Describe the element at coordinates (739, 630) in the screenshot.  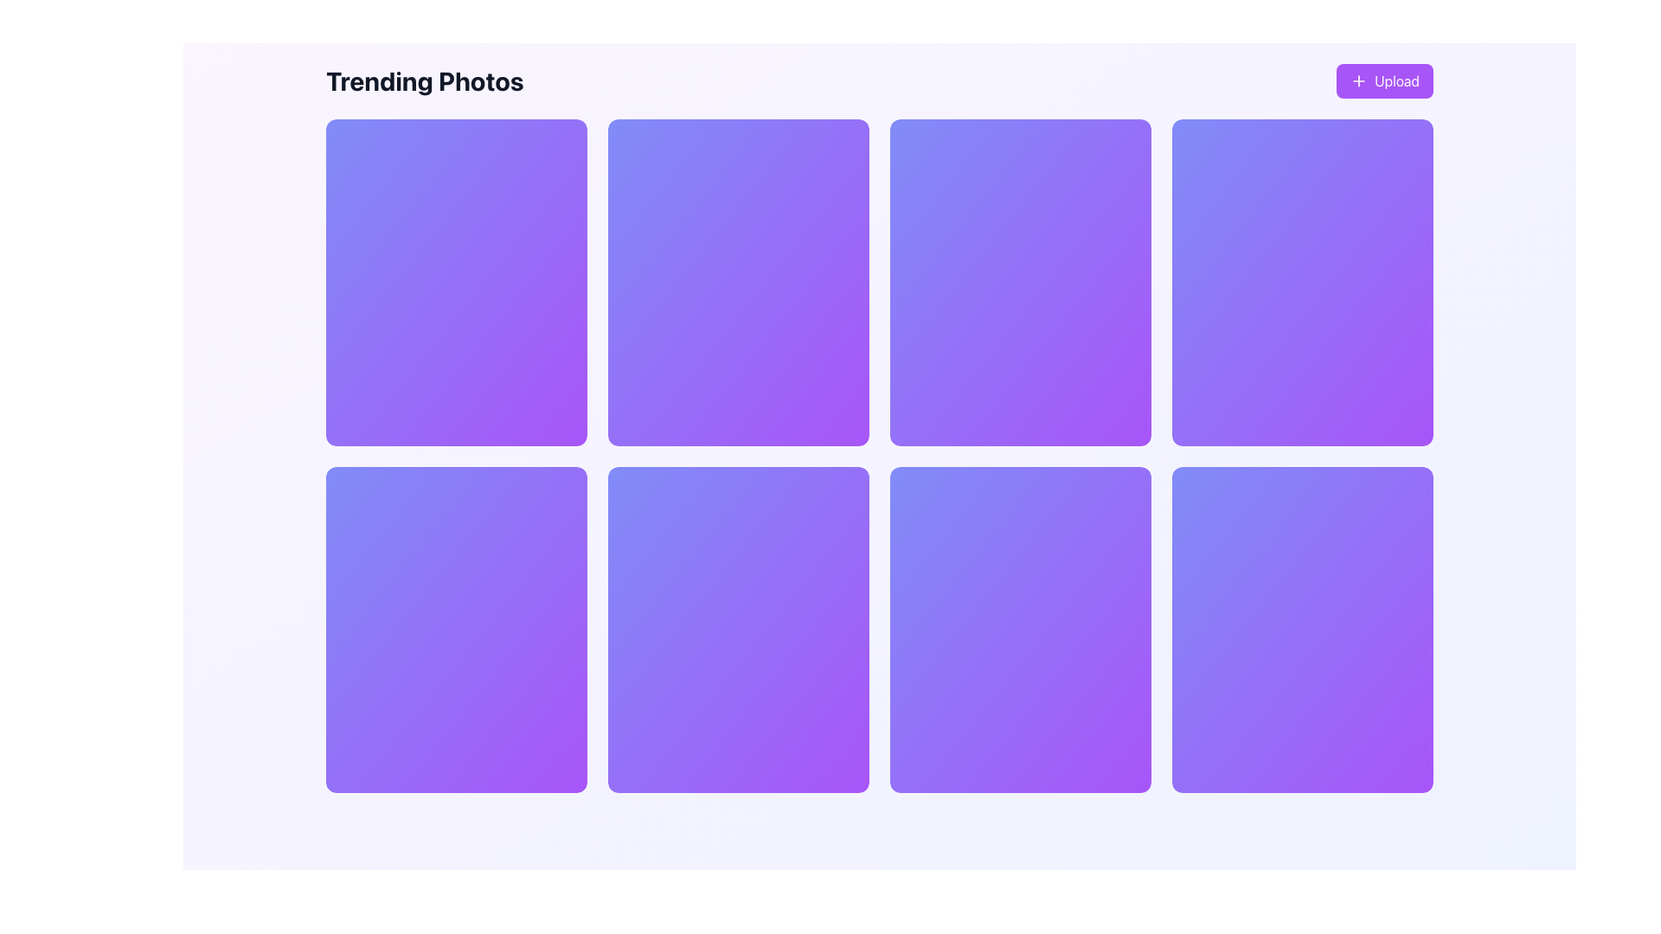
I see `the Clickable Card located in the second row and second column of the 4x4 grid layout` at that location.